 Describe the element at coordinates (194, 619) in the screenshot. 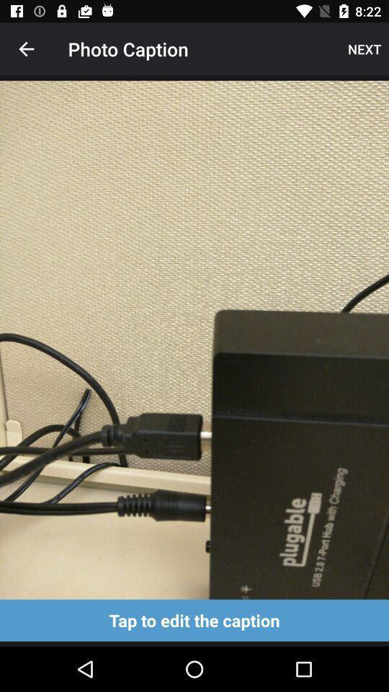

I see `edit the photo 's caption` at that location.